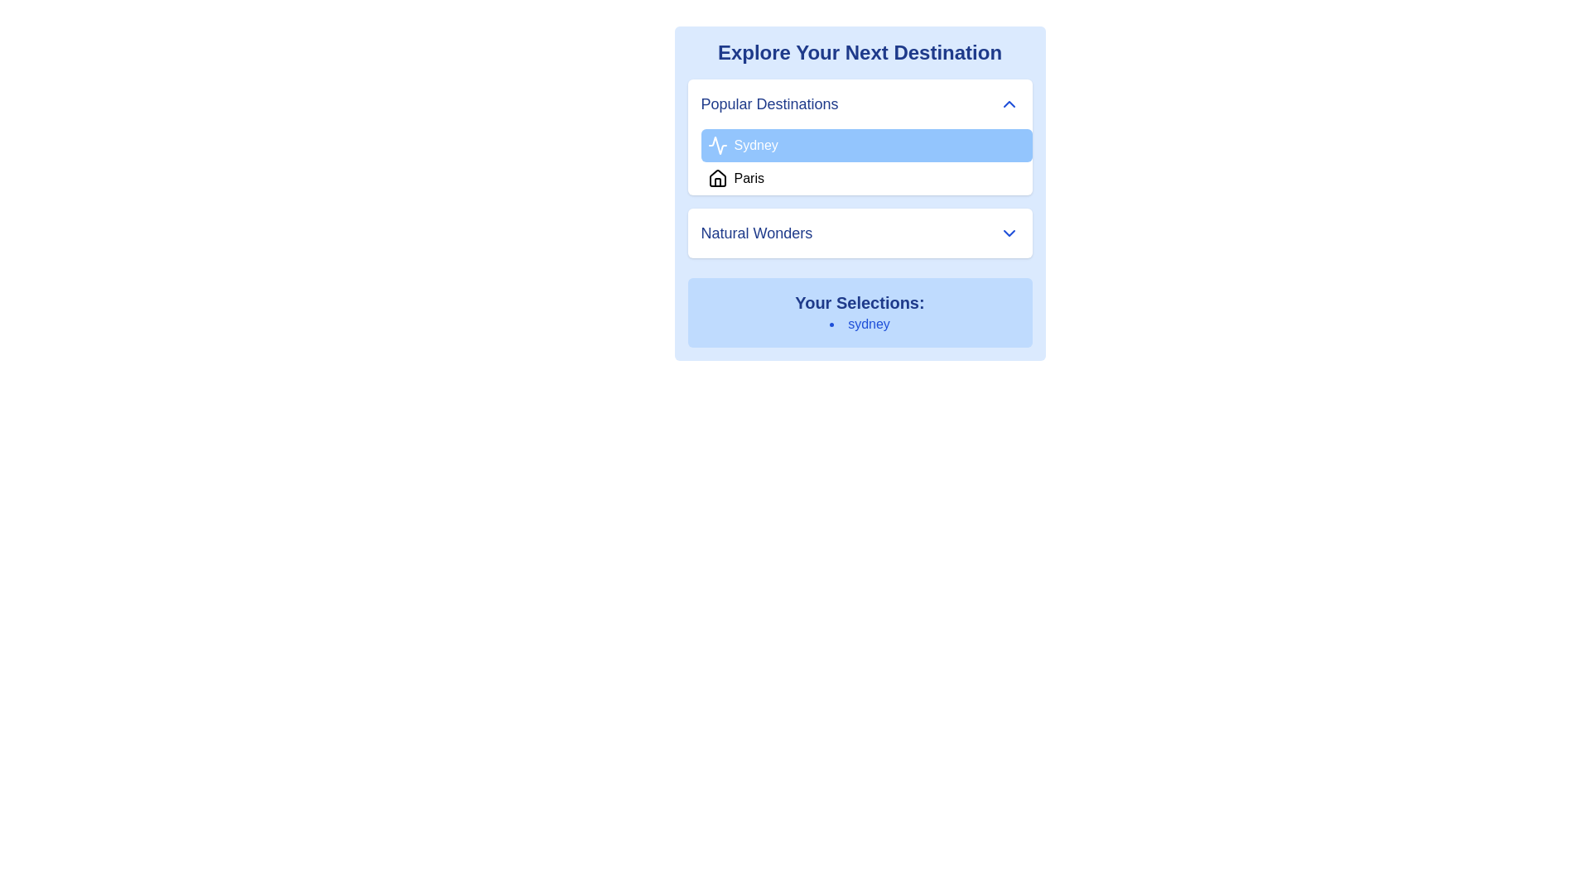  I want to click on the non-interactive display item that shows the selected option from the list, which is the second item under the title 'Your Selections:', so click(860, 324).